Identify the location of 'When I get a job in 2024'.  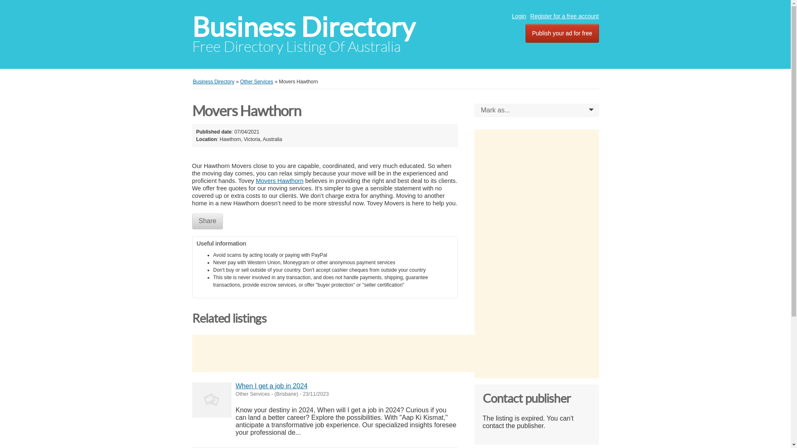
(211, 399).